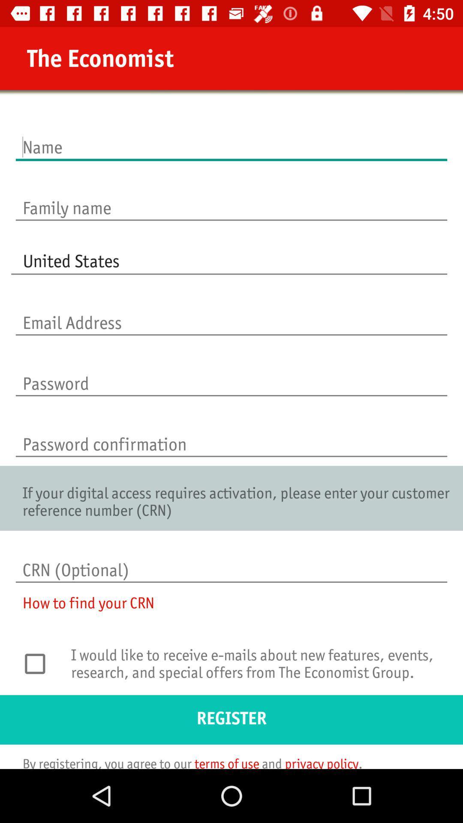 This screenshot has width=463, height=823. Describe the element at coordinates (39, 663) in the screenshot. I see `agree` at that location.